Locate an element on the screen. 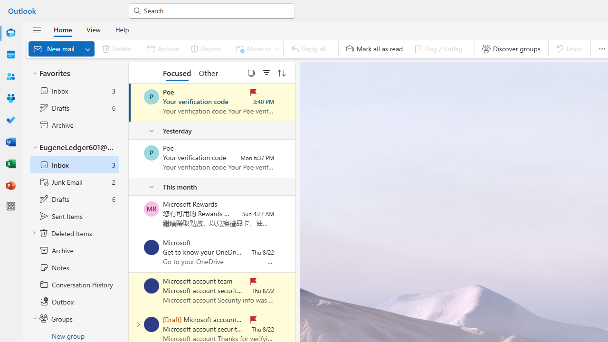 Image resolution: width=608 pixels, height=342 pixels. 'Inbox selected 3 unread' is located at coordinates (74, 164).